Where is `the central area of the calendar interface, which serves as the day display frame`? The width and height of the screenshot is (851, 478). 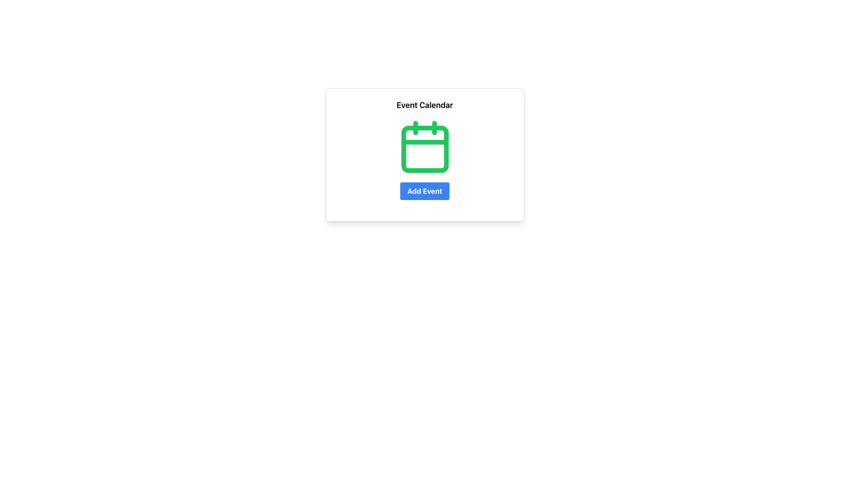
the central area of the calendar interface, which serves as the day display frame is located at coordinates (424, 149).